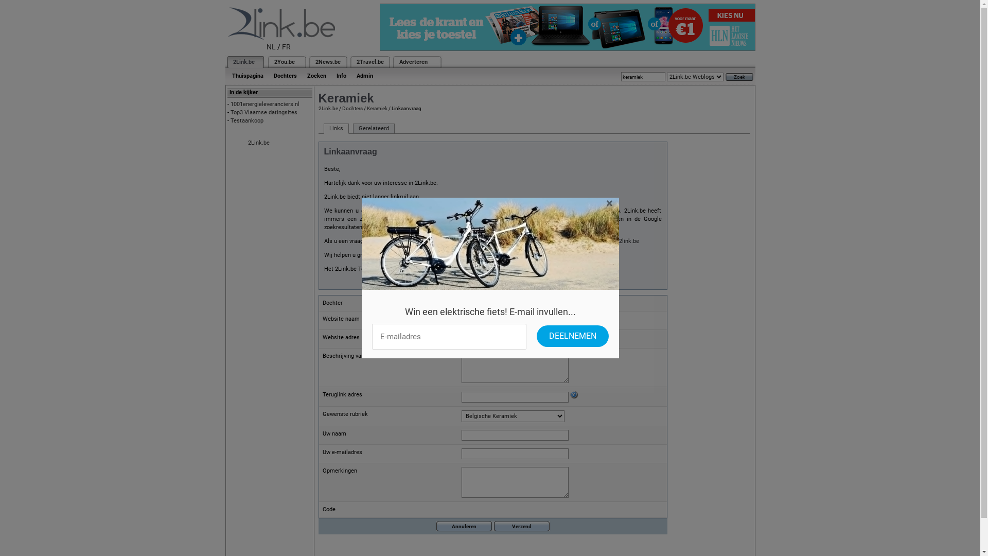  Describe the element at coordinates (247, 75) in the screenshot. I see `'Thuispagina'` at that location.